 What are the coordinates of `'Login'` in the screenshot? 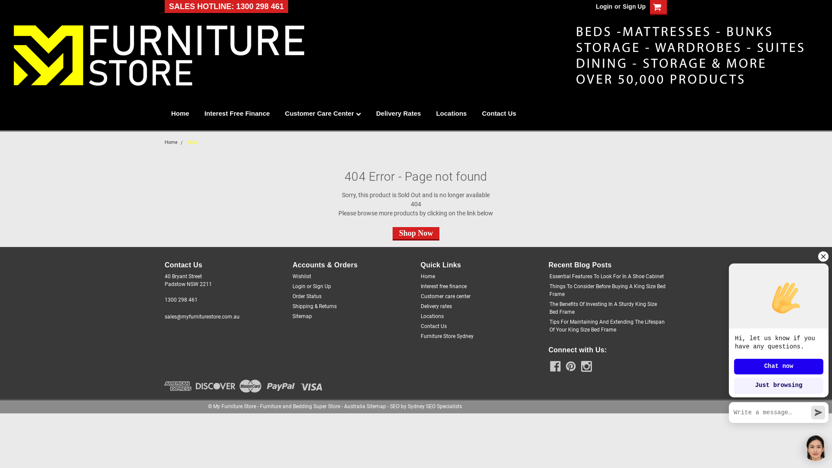 It's located at (603, 6).